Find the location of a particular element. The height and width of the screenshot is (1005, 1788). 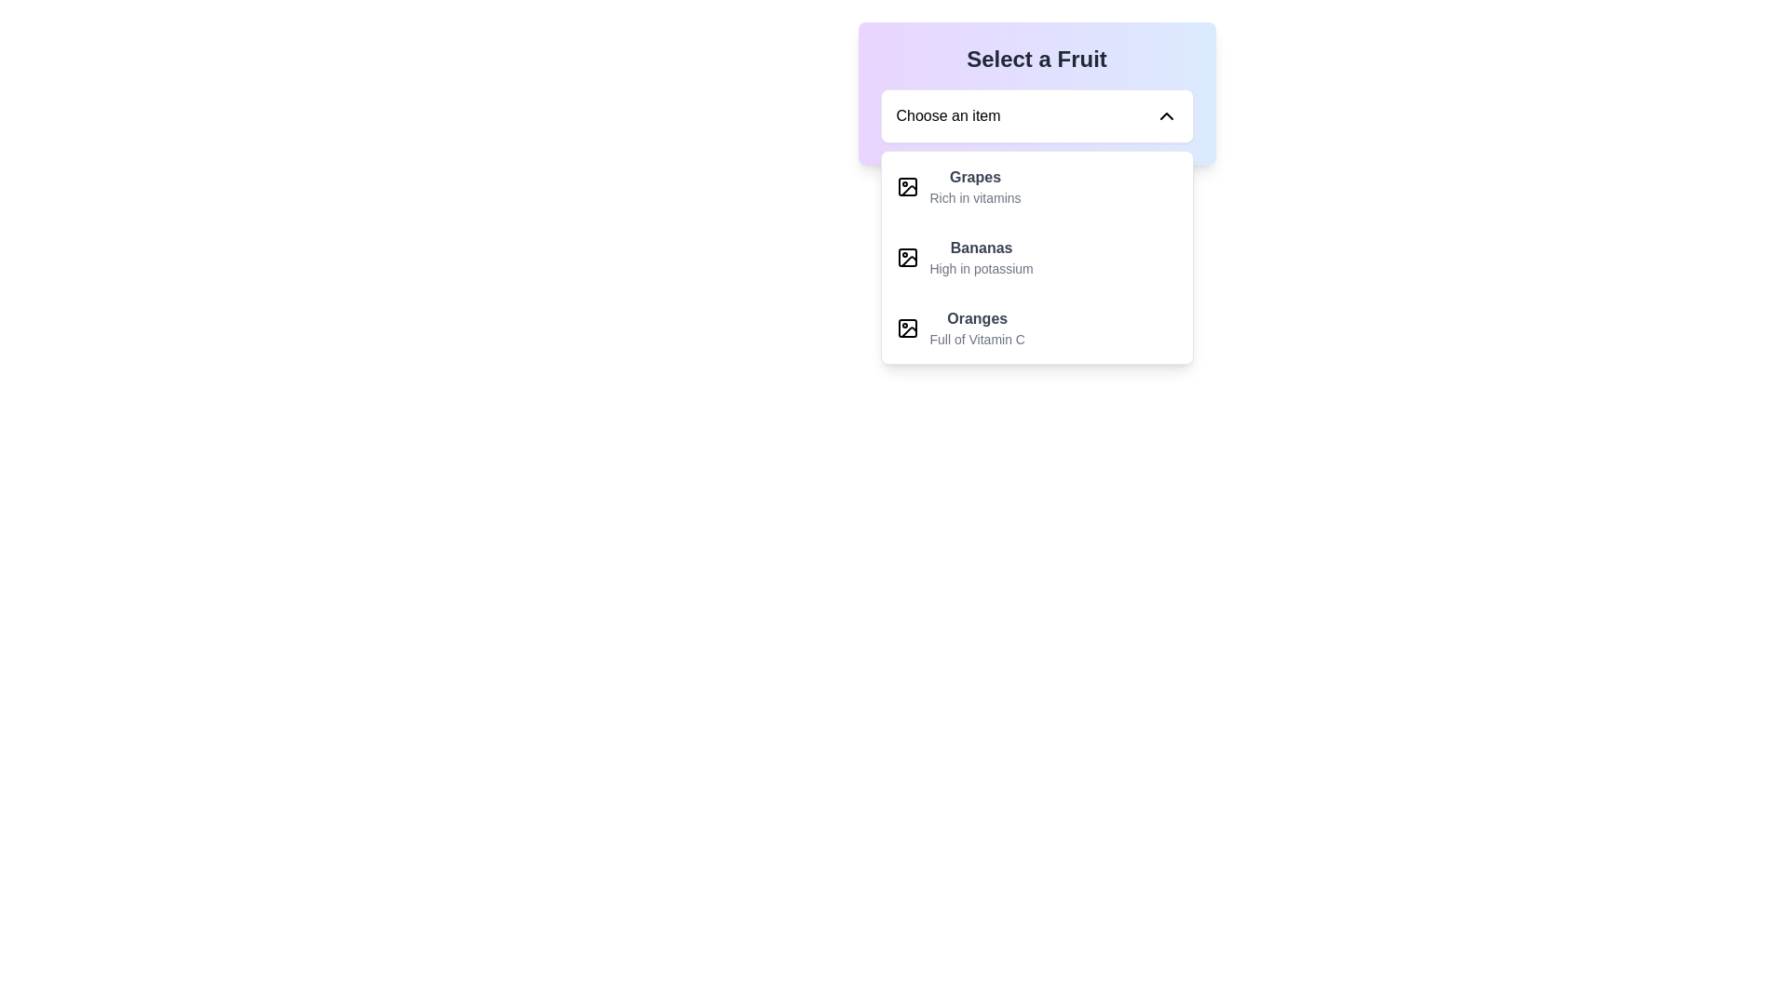

the dropdown menu labeled 'Choose an item' to select an item from the list is located at coordinates (1036, 115).